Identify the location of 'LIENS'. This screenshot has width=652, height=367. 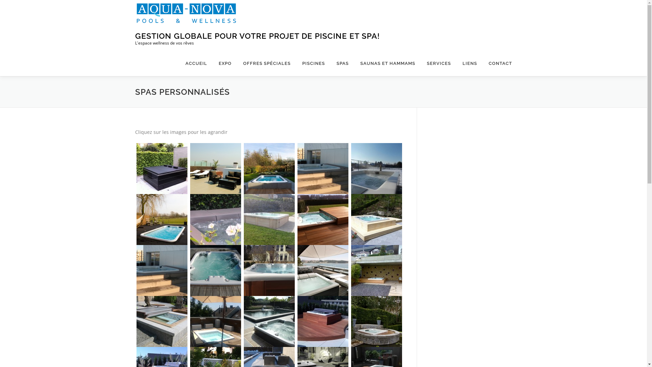
(469, 63).